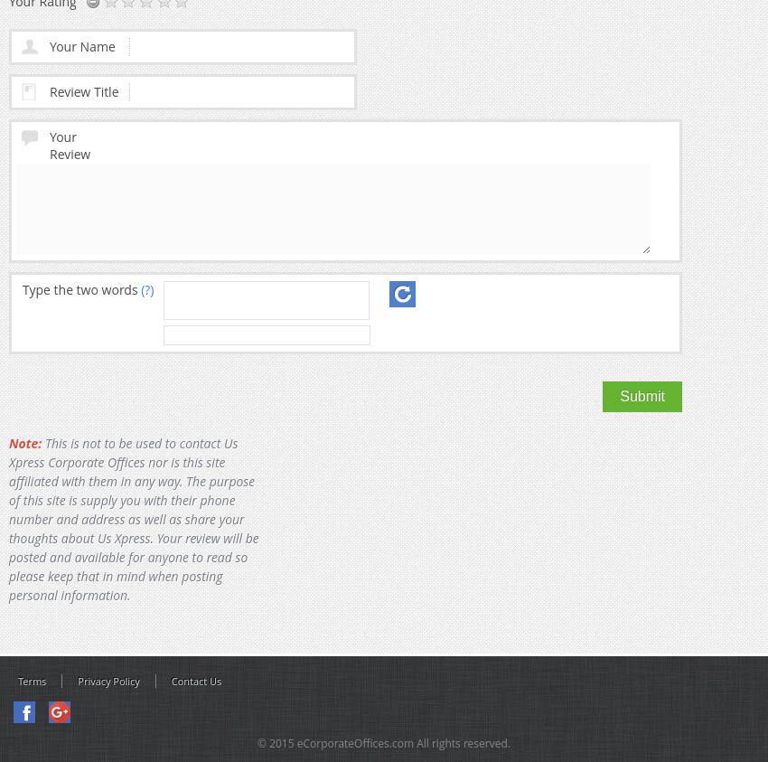 The width and height of the screenshot is (768, 762). Describe the element at coordinates (70, 145) in the screenshot. I see `'Your Review'` at that location.